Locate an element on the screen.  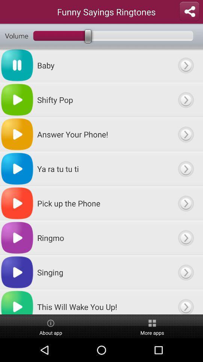
ringtone is located at coordinates (185, 99).